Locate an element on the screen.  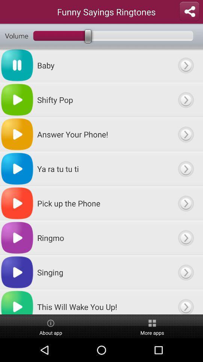
ringtone is located at coordinates (185, 99).